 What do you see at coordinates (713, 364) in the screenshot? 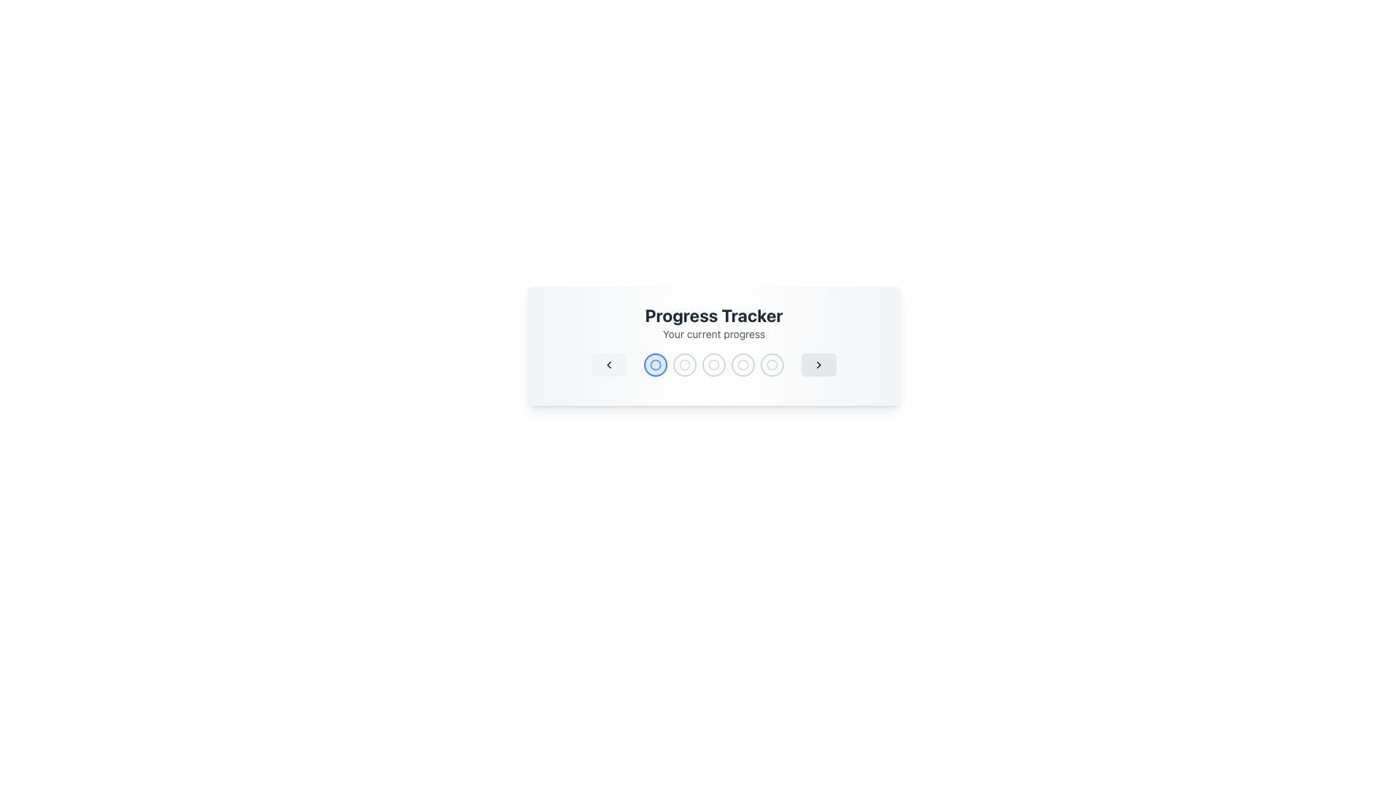
I see `the third circular graphic element in the progress tracker interface, which serves as a visual indicator for a specific step or milestone` at bounding box center [713, 364].